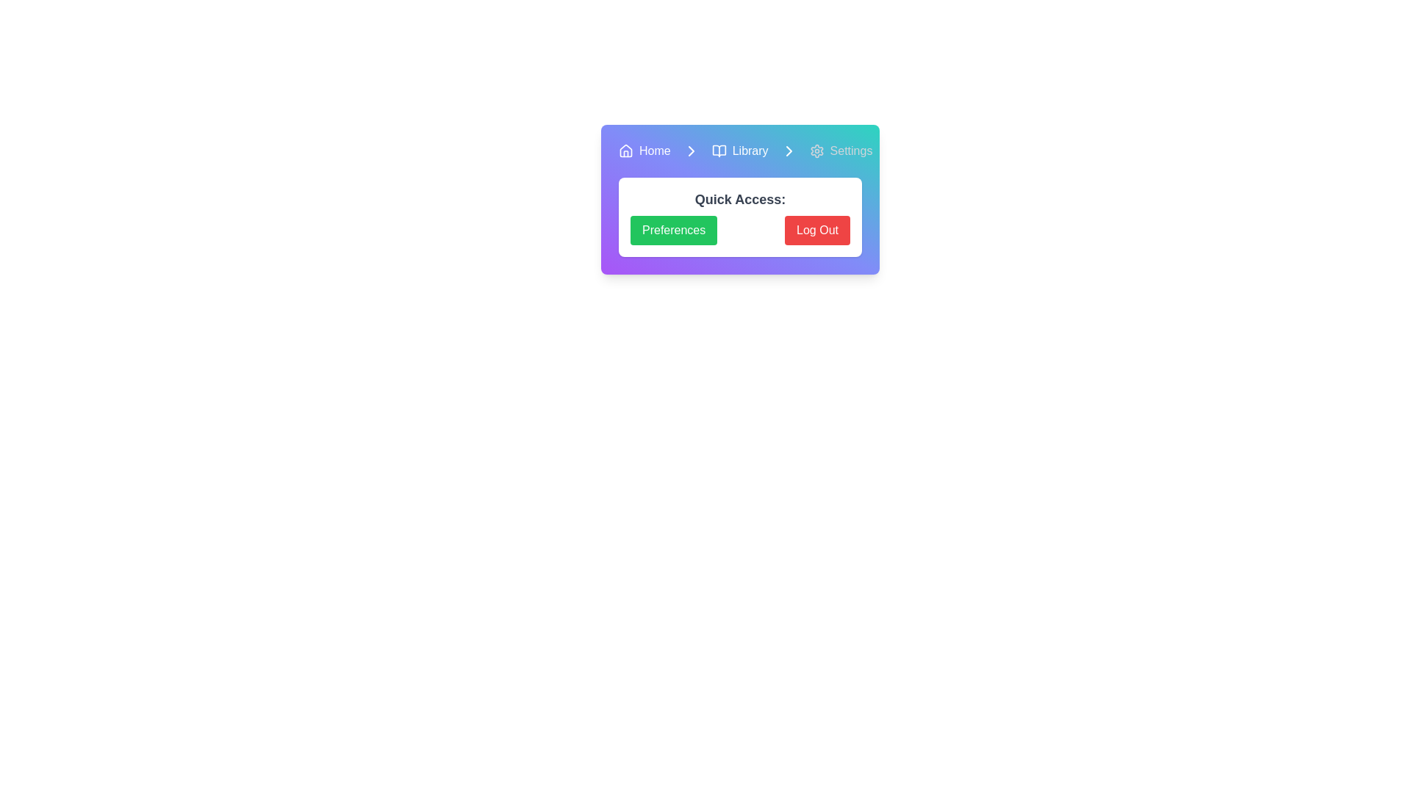 This screenshot has width=1411, height=793. I want to click on the 'Library' icon in the top navigation bar, which is positioned to the left of the text 'Library' and to the right of the 'Home' icon, so click(719, 151).